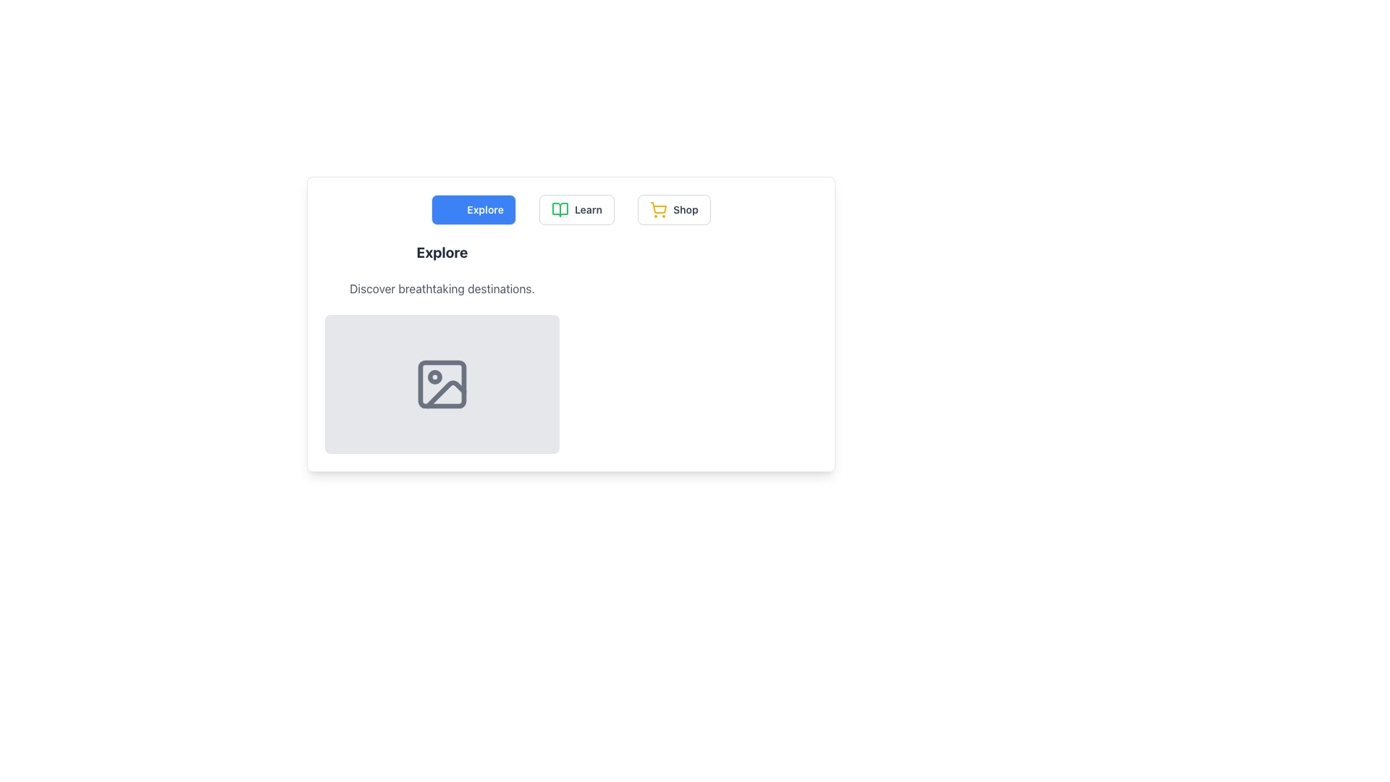 This screenshot has width=1390, height=782. I want to click on the 'Learn' button, which has a white background, grey border, and a green book icon on its left, so click(576, 209).